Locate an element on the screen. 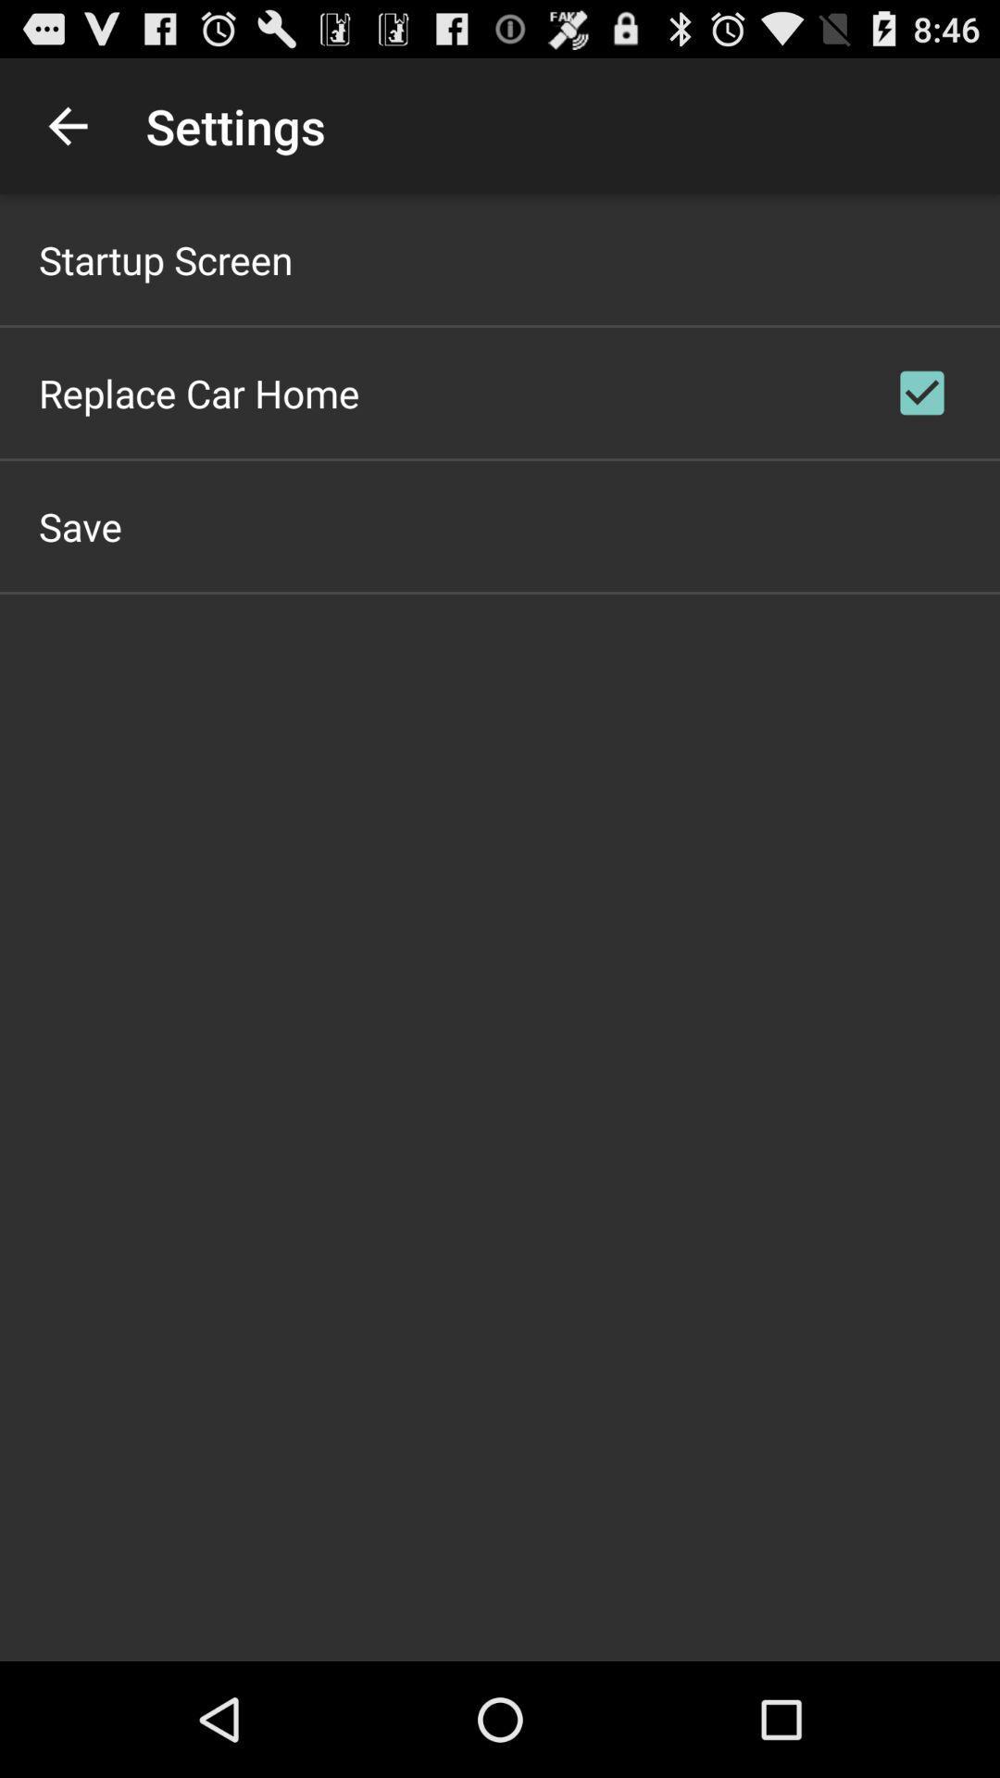 The width and height of the screenshot is (1000, 1778). startup screen is located at coordinates (165, 258).